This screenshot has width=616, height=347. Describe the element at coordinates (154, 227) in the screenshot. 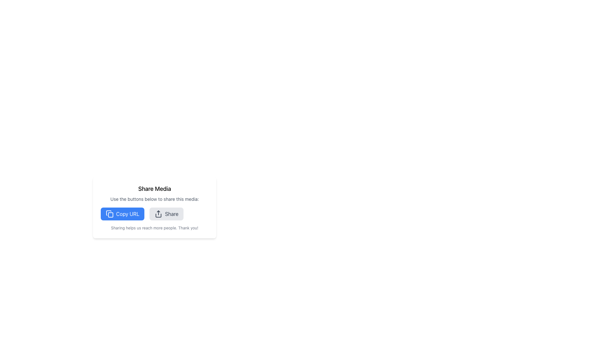

I see `the static text block that conveys a message of appreciation and encouragement, positioned directly below the 'Share' button group` at that location.